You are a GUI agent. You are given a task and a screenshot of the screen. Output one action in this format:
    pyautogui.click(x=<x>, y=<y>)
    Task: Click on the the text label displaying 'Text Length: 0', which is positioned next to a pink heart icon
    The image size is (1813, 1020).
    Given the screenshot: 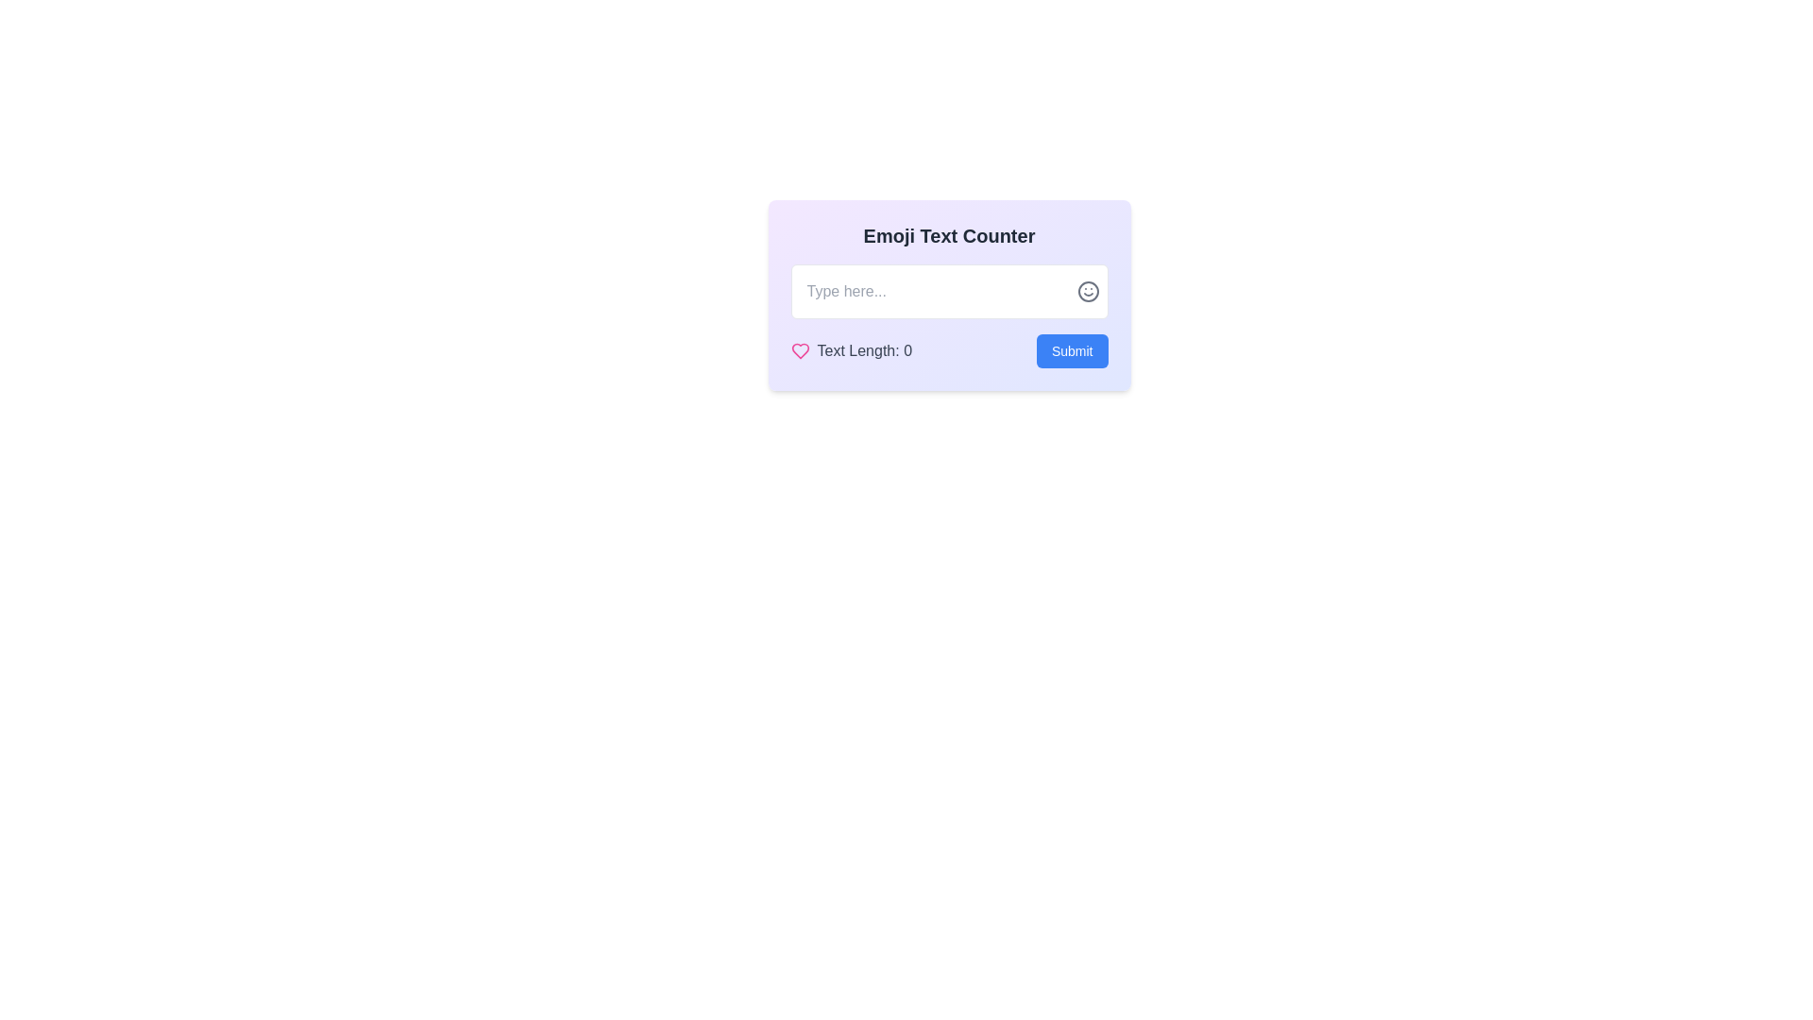 What is the action you would take?
    pyautogui.click(x=863, y=350)
    